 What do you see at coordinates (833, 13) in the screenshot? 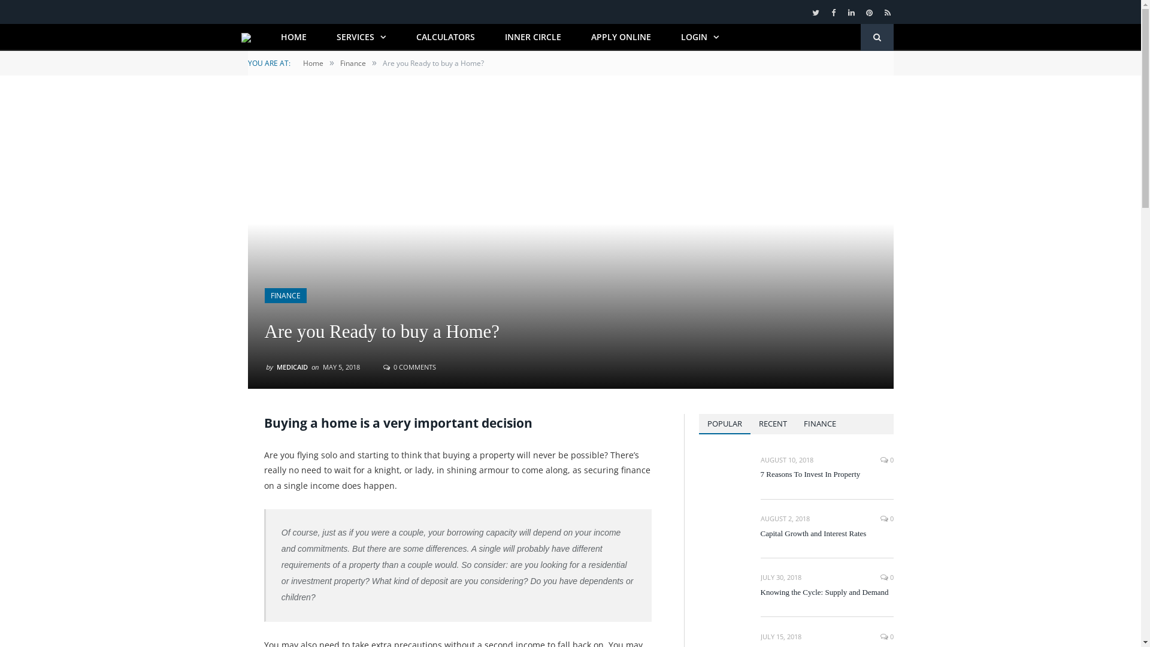
I see `'Facebook'` at bounding box center [833, 13].